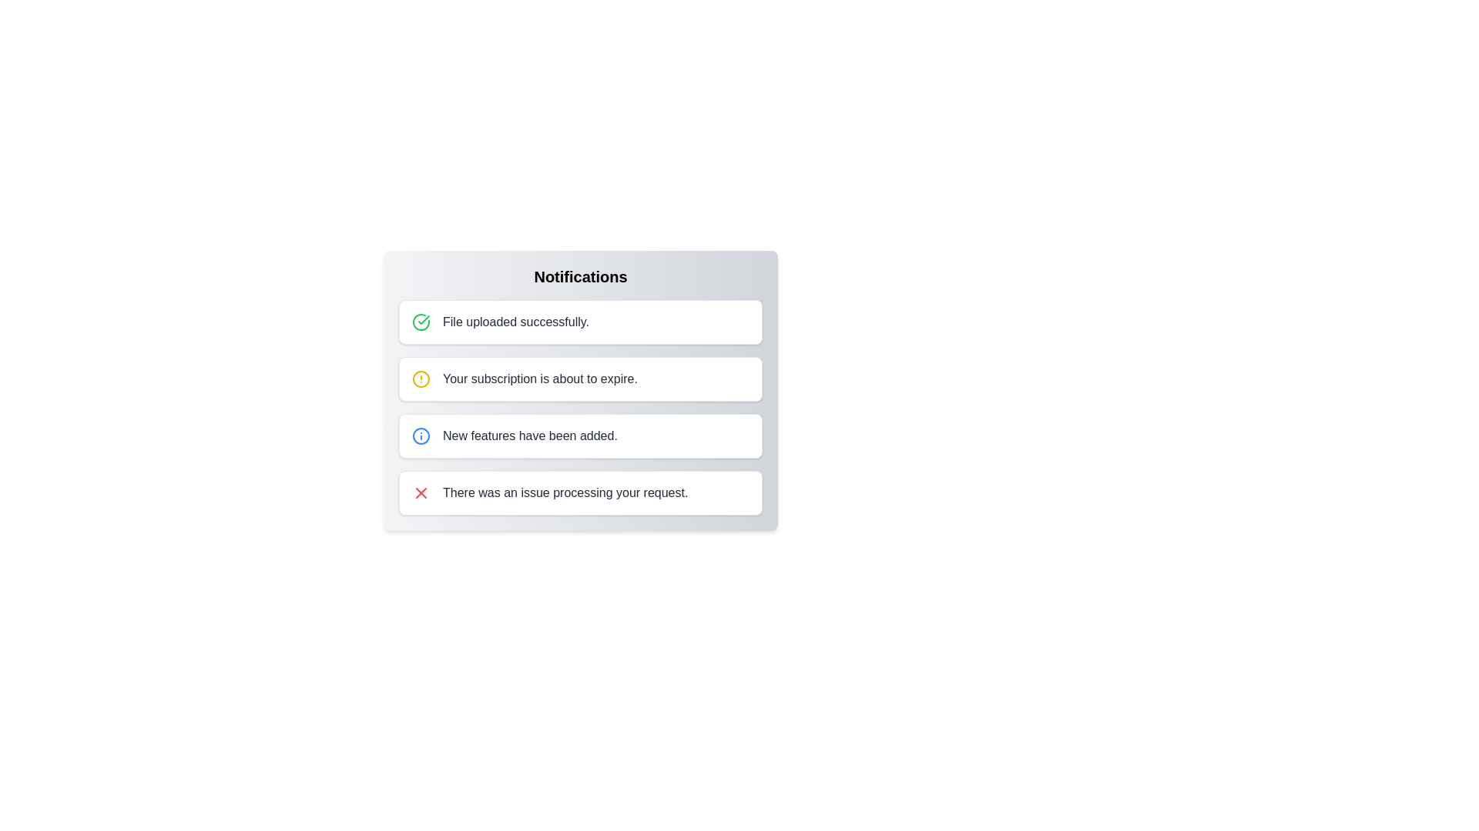 The width and height of the screenshot is (1479, 831). What do you see at coordinates (421, 436) in the screenshot?
I see `the informational icon located within the notification card stating 'New features have been added.'` at bounding box center [421, 436].